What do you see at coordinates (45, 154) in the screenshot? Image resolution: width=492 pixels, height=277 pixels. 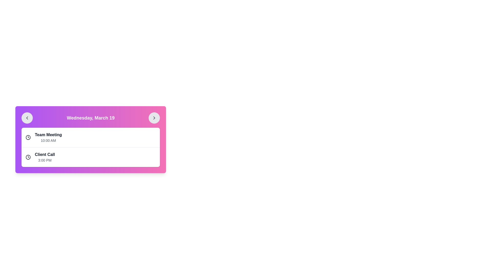 I see `the static text label that serves as a title for an event in the scheduling interface, located above the '3:00 PM' time text and to the right of a clock icon` at bounding box center [45, 154].